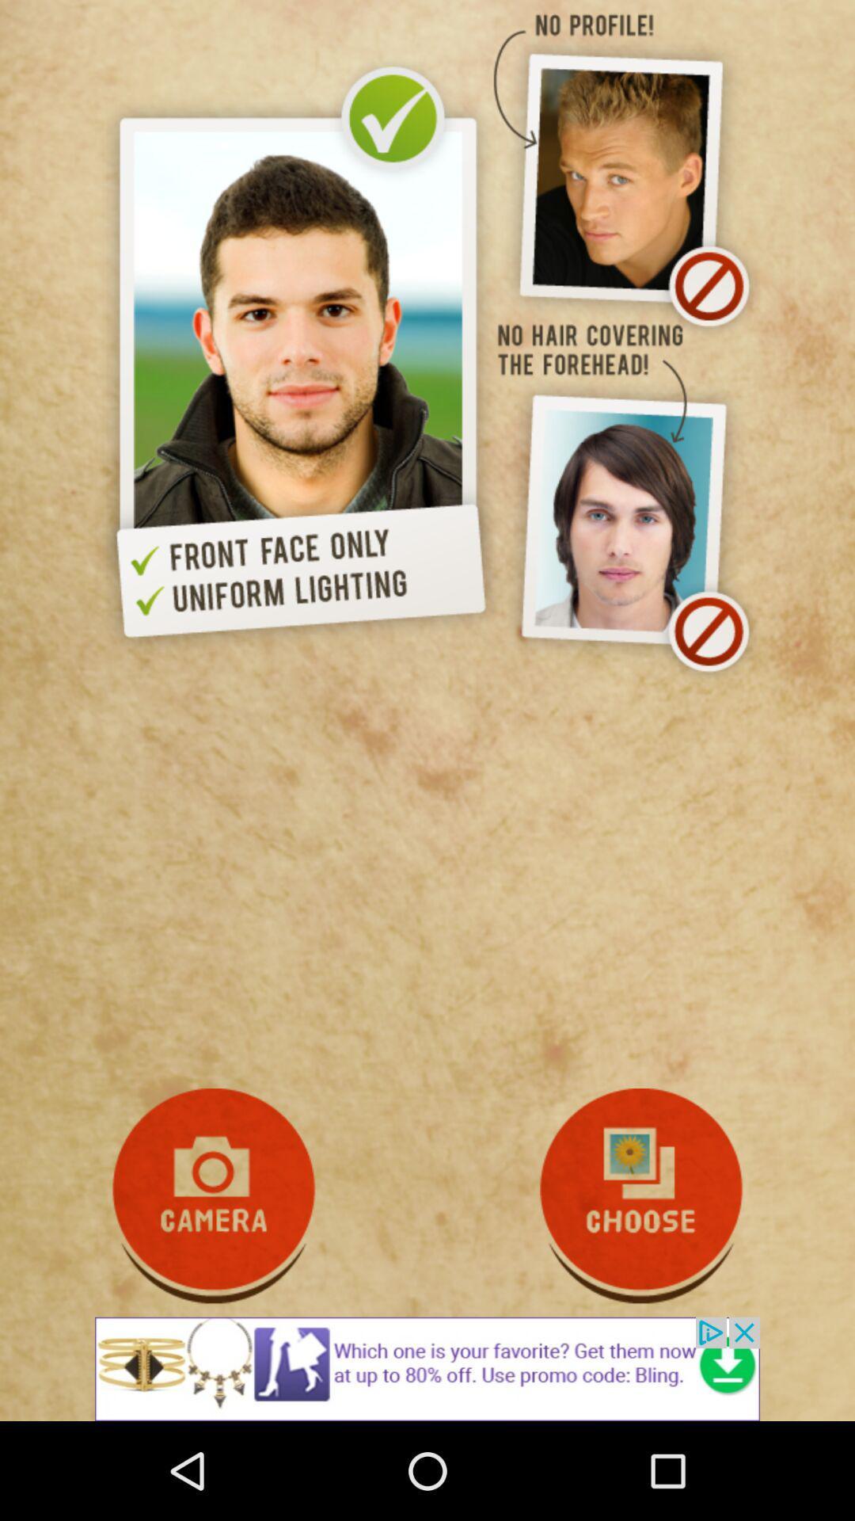 Image resolution: width=855 pixels, height=1521 pixels. Describe the element at coordinates (641, 1196) in the screenshot. I see `choose picture` at that location.